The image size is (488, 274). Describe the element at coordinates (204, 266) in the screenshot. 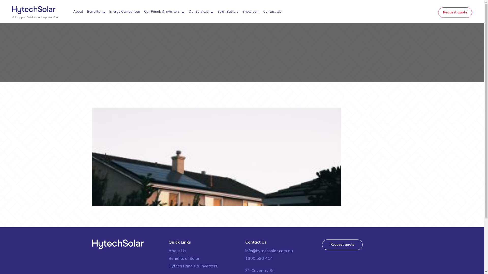

I see `'Hytech Panels & Inverters'` at that location.